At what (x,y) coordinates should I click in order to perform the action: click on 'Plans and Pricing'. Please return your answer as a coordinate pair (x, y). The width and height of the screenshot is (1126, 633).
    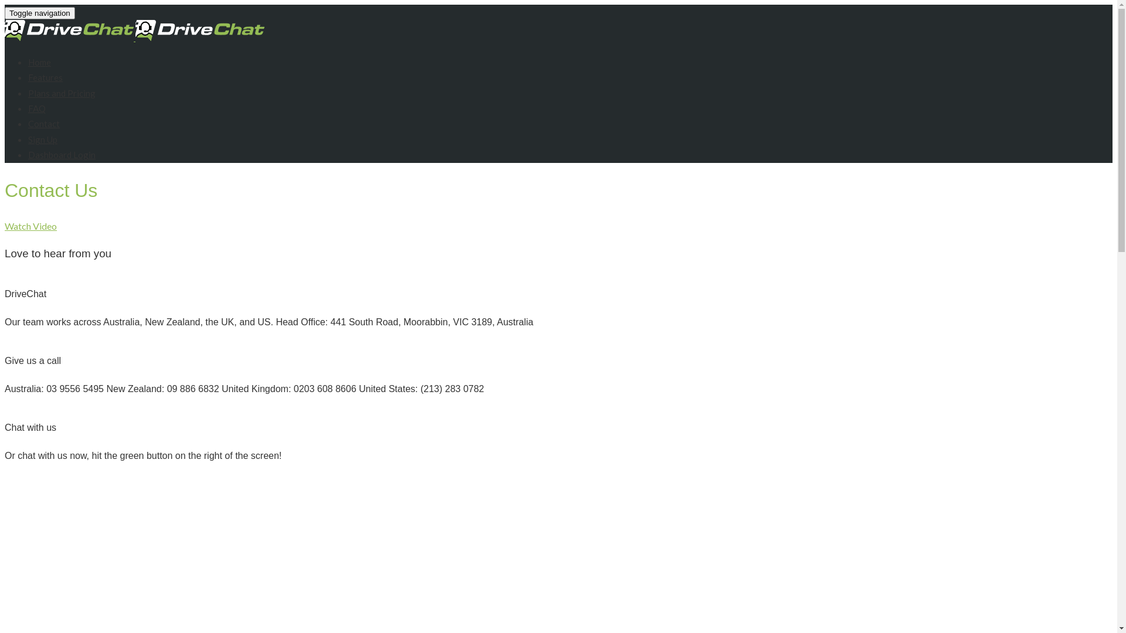
    Looking at the image, I should click on (61, 92).